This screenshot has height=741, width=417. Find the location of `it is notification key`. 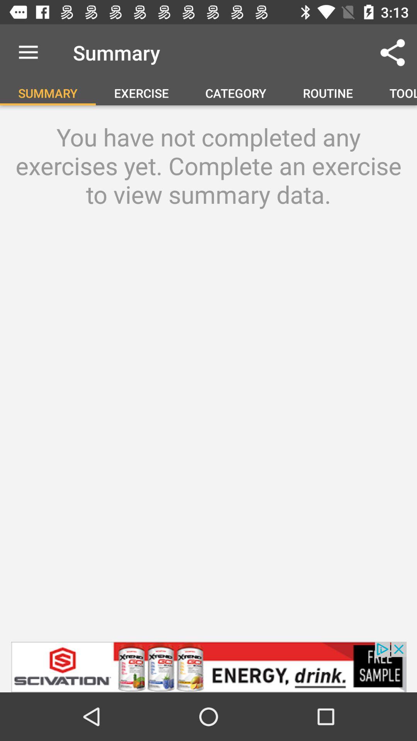

it is notification key is located at coordinates (208, 667).